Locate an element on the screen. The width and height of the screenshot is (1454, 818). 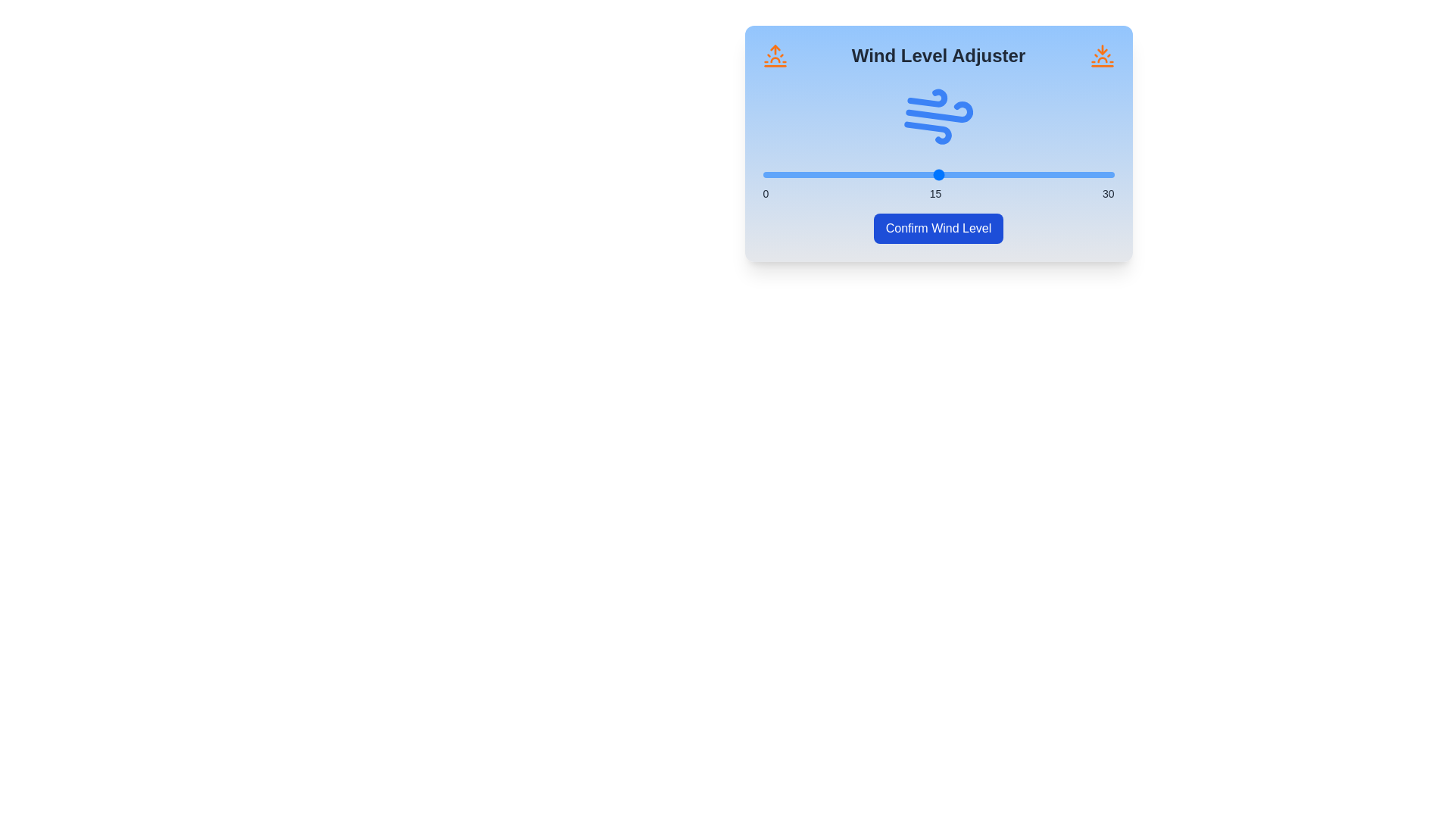
the slider to inspect the current wind level value is located at coordinates (938, 174).